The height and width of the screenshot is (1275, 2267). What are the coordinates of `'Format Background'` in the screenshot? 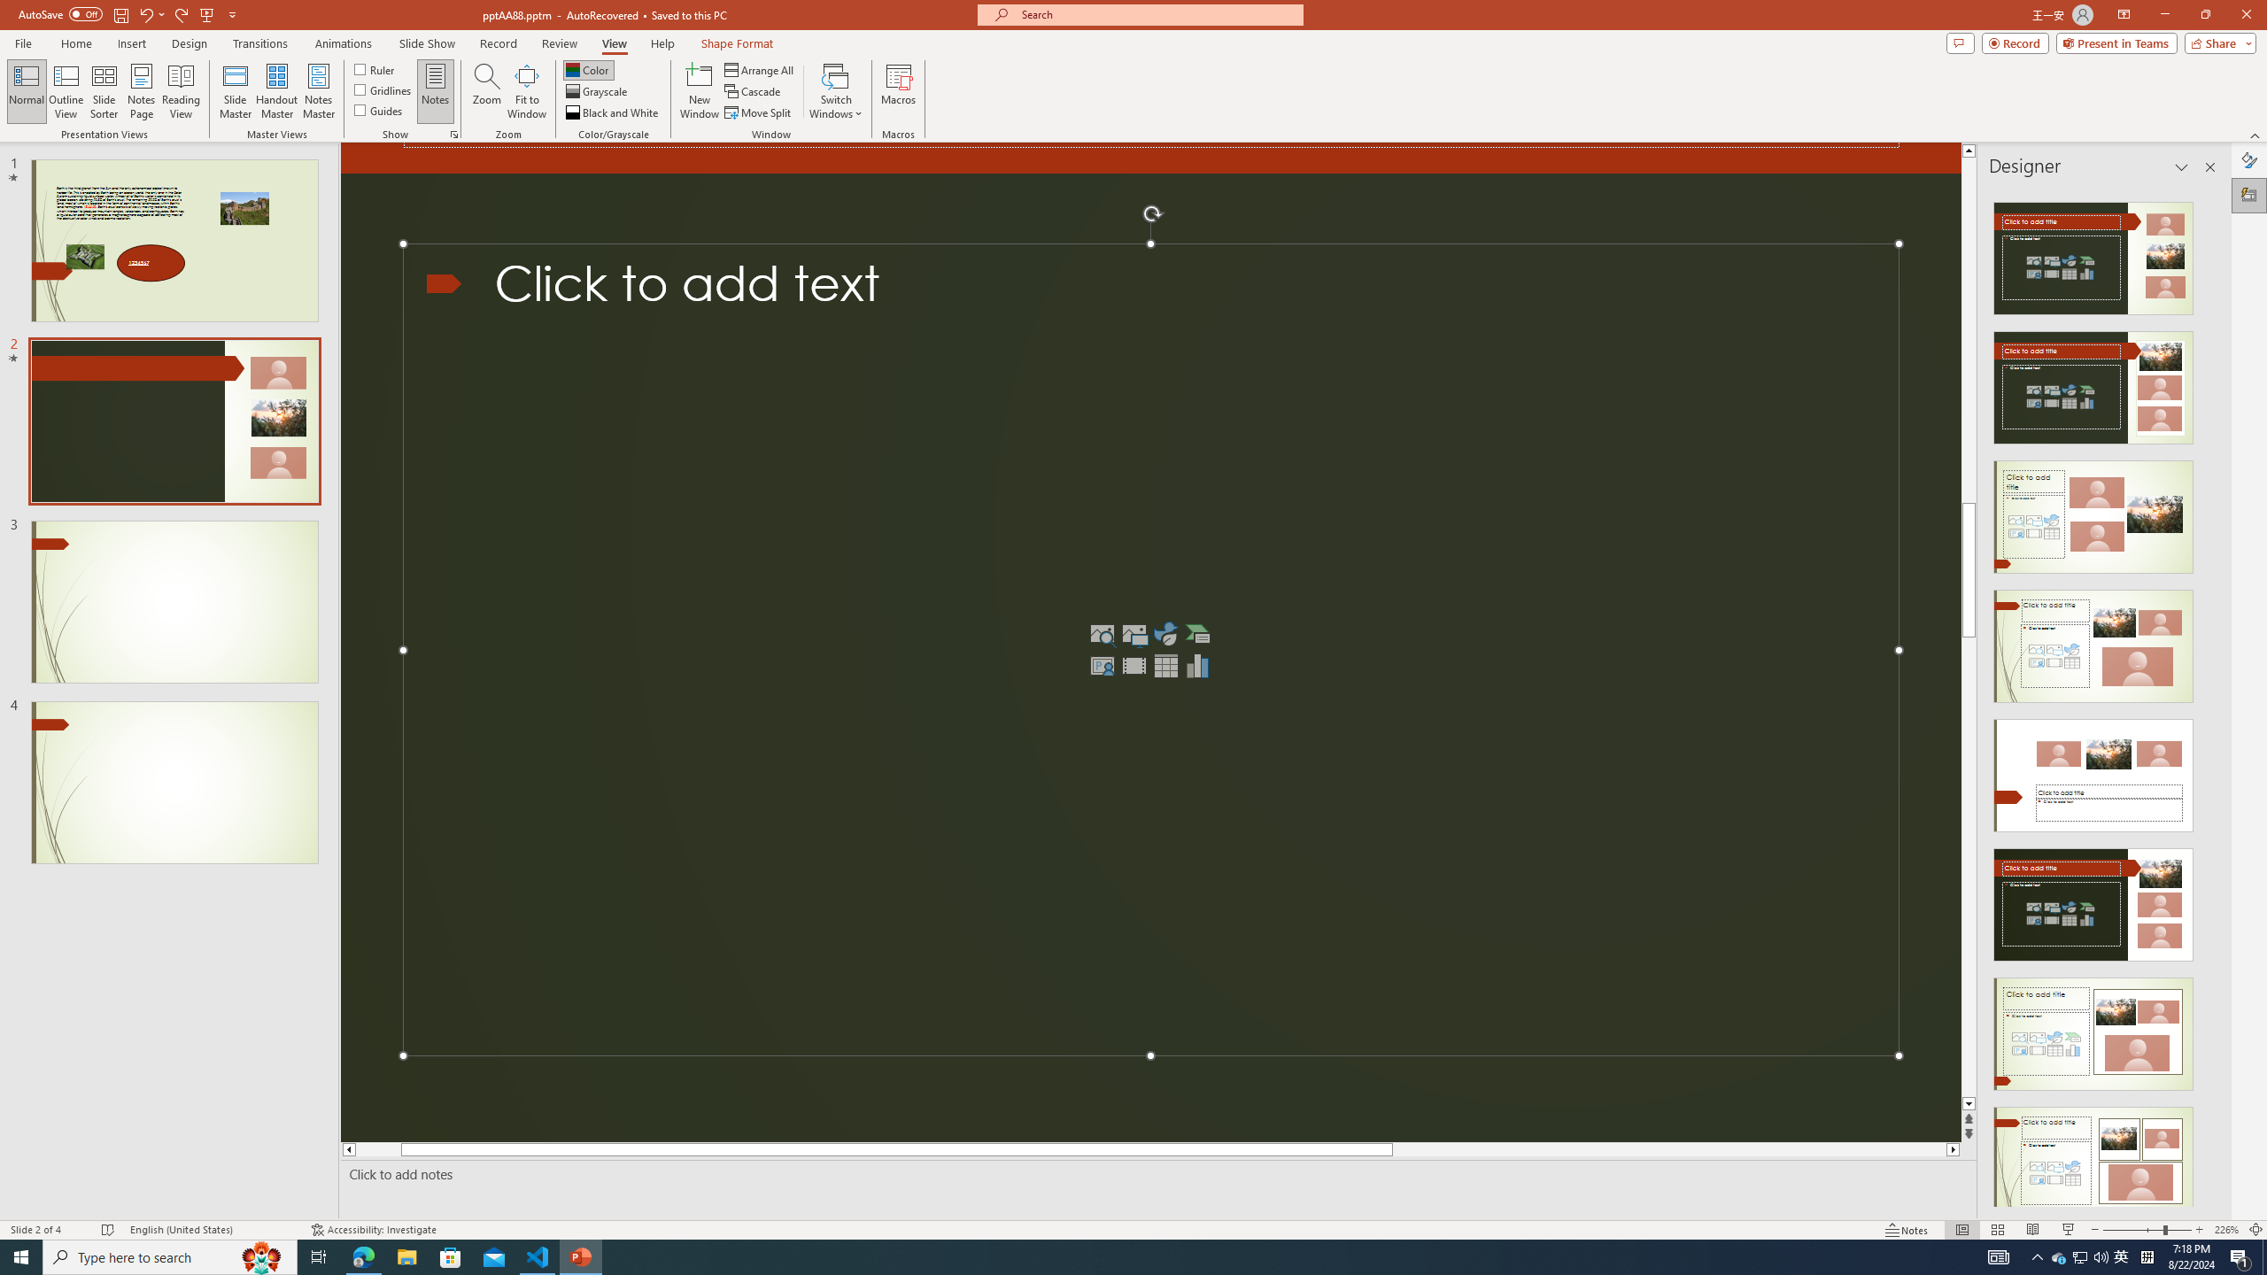 It's located at (2248, 159).